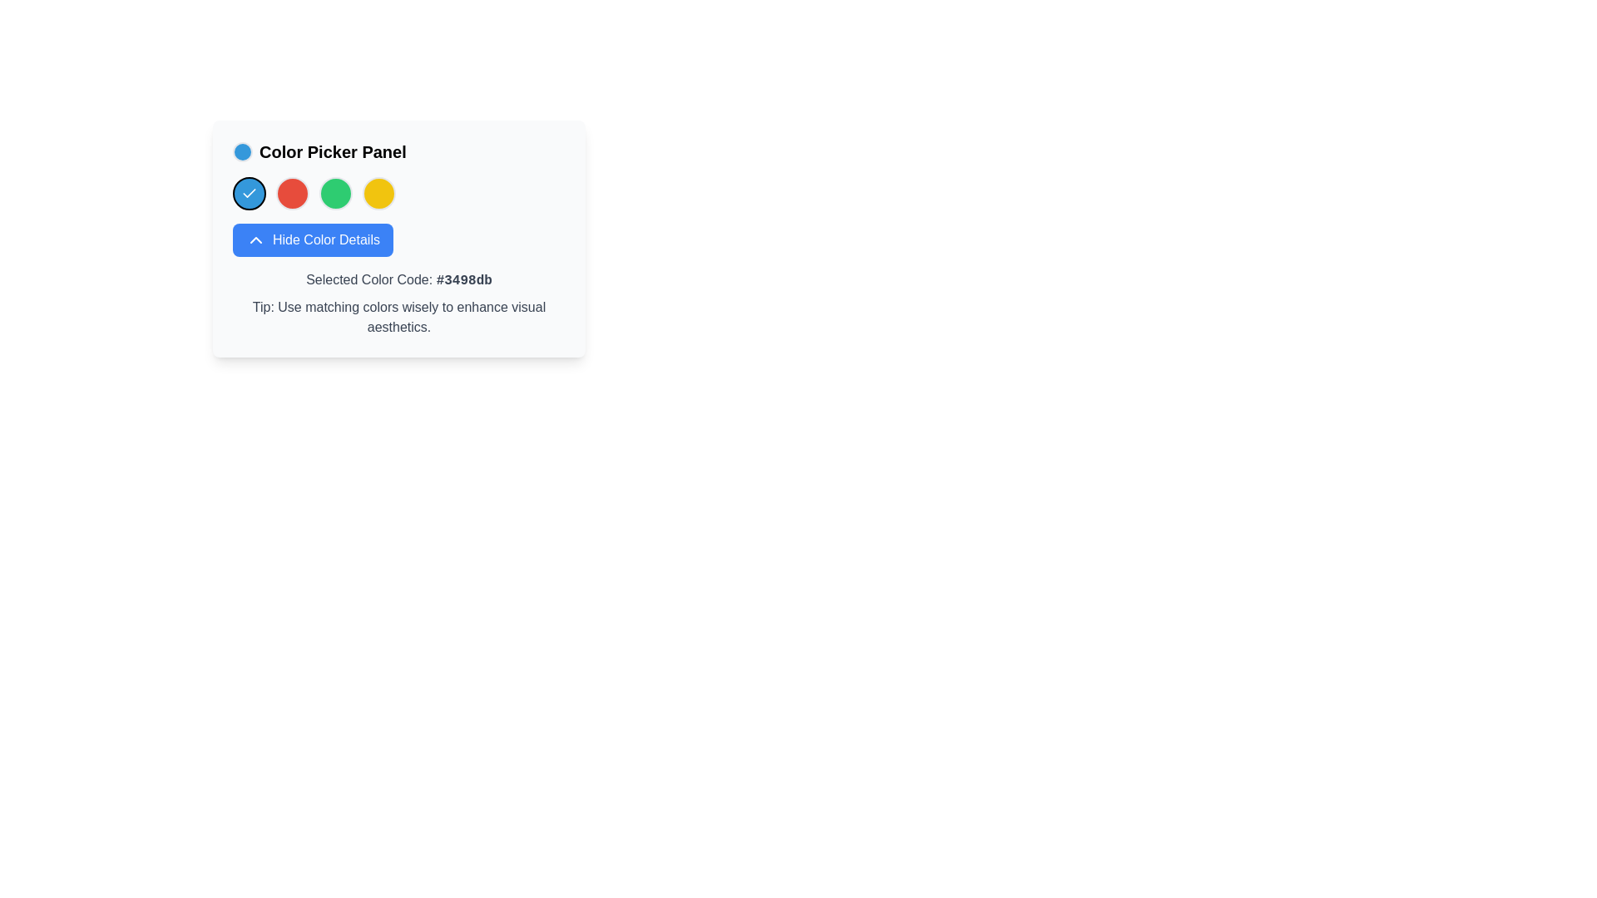  Describe the element at coordinates (399, 279) in the screenshot. I see `displayed hexadecimal color code from the Text Display located in the Color Picker Panel, which is positioned below the 'Hide Color Details' button and above the tip text` at that location.